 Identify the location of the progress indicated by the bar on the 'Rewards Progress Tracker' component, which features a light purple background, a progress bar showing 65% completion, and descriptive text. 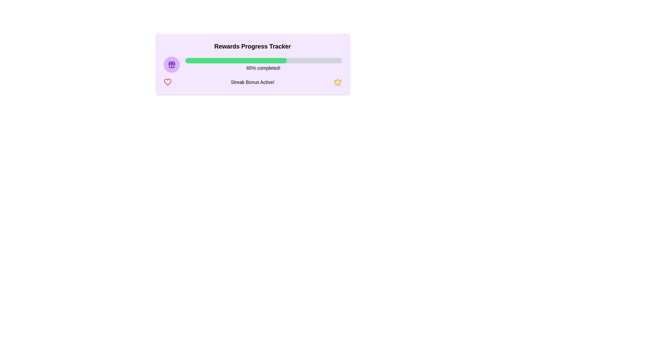
(252, 64).